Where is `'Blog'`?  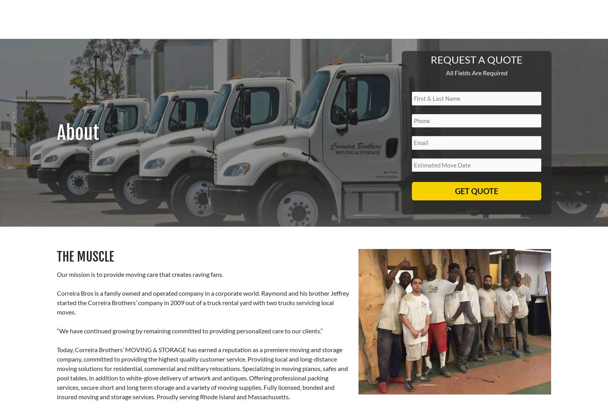
'Blog' is located at coordinates (539, 29).